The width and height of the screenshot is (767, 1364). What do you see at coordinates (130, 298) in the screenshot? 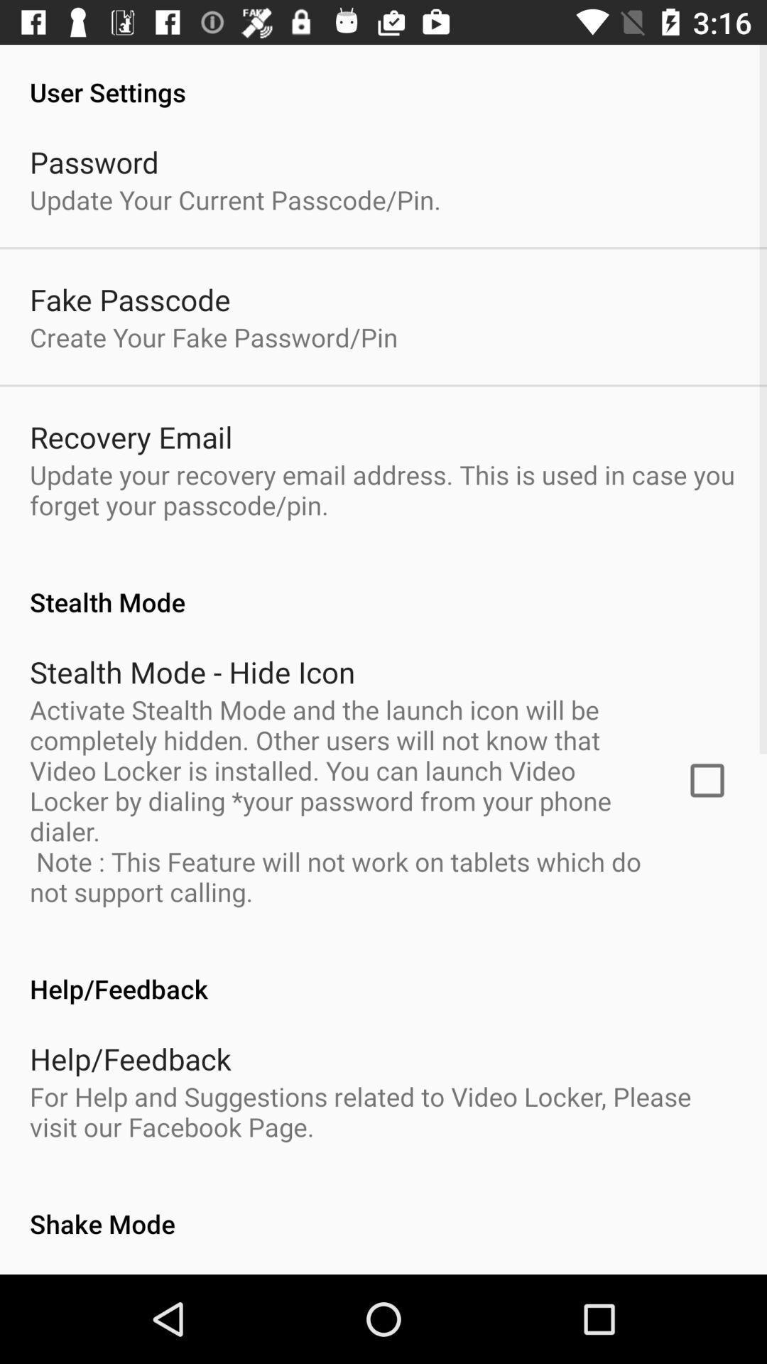
I see `item above create your fake item` at bounding box center [130, 298].